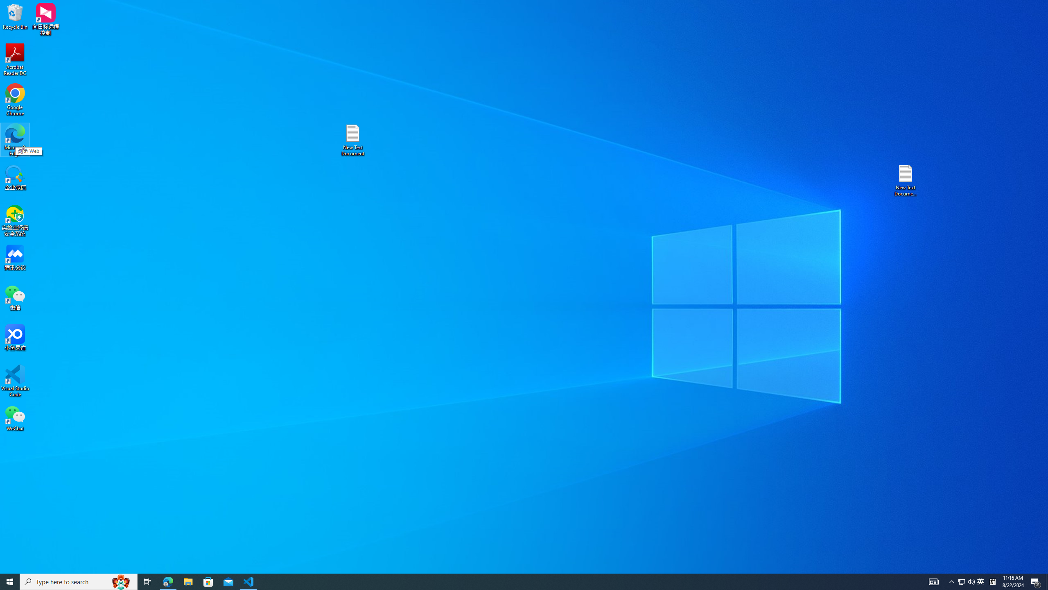 The width and height of the screenshot is (1048, 590). Describe the element at coordinates (906, 179) in the screenshot. I see `'New Text Document (2)'` at that location.